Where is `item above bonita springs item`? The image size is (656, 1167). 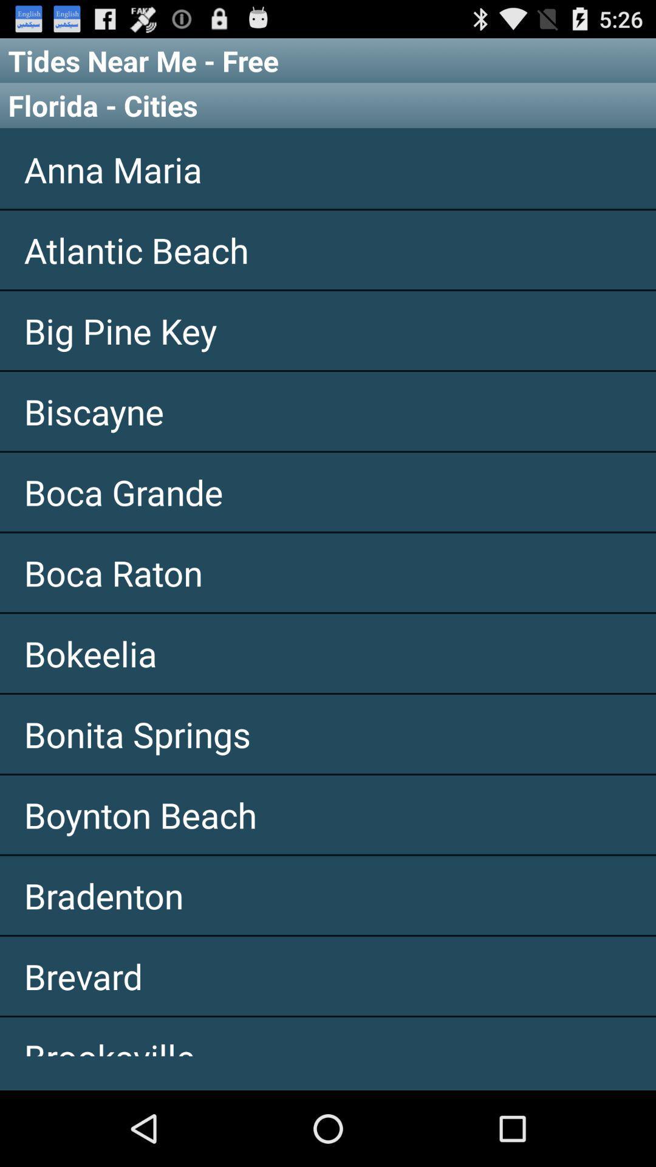
item above bonita springs item is located at coordinates (328, 653).